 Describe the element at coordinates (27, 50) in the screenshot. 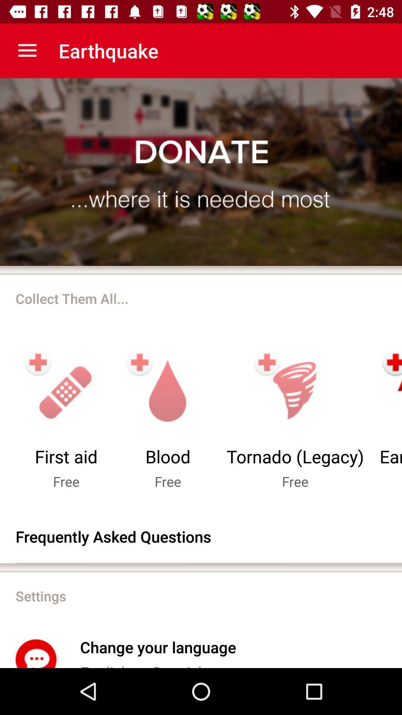

I see `app next to the earthquake icon` at that location.